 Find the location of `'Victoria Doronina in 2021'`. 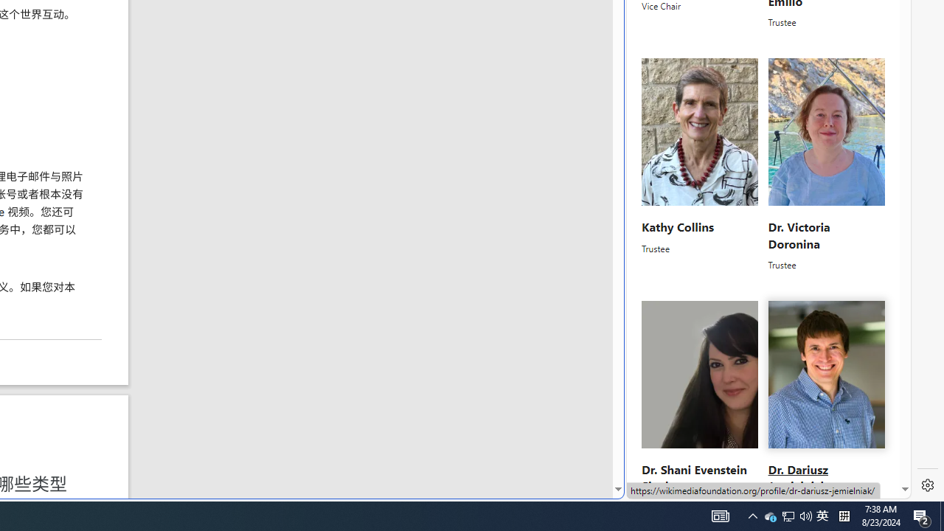

'Victoria Doronina in 2021' is located at coordinates (826, 131).